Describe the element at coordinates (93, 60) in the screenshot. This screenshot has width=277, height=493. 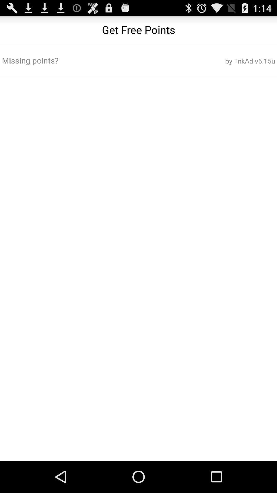
I see `the missing points? item` at that location.